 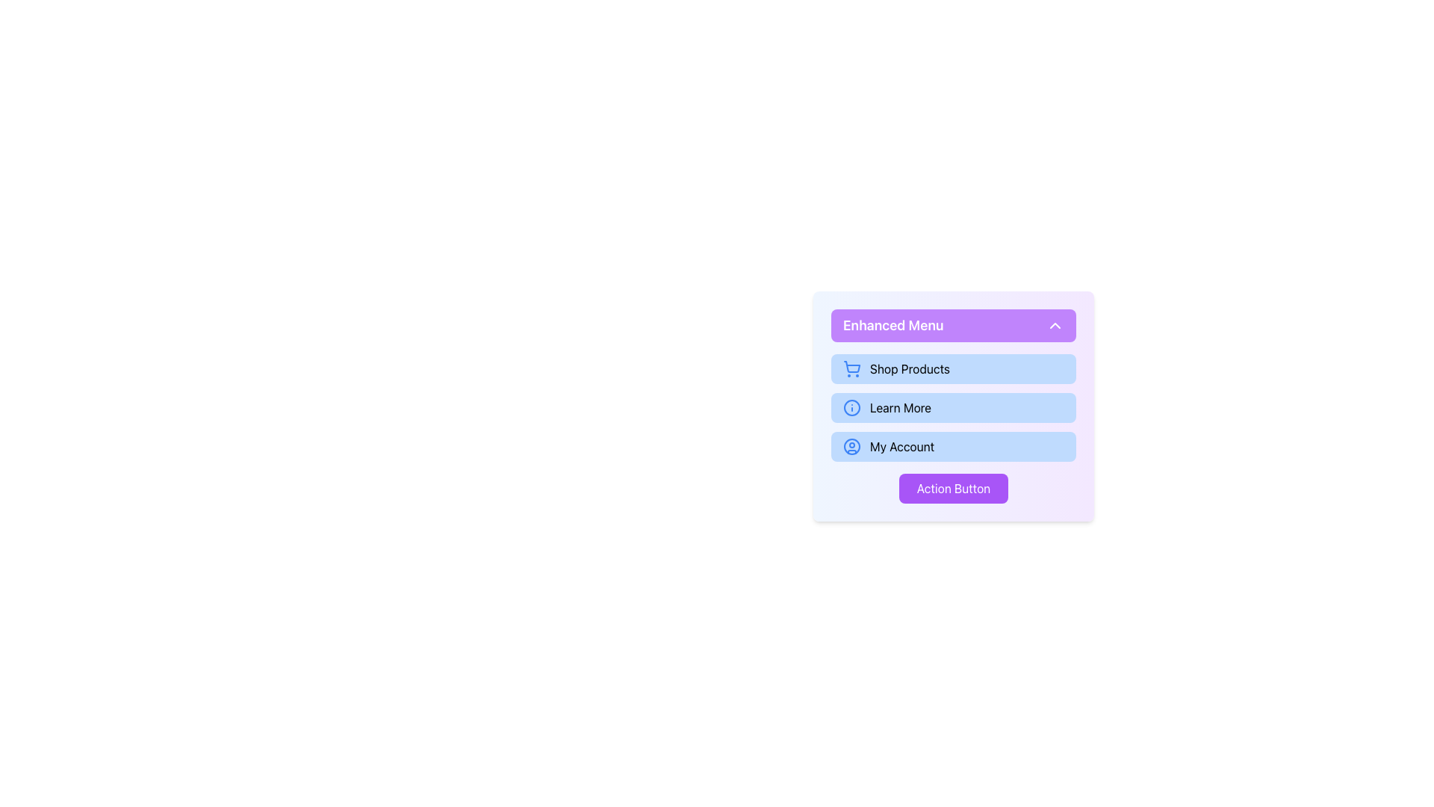 I want to click on the 'Learn More' navigation button located below the 'Shop Products' button and above the 'My Account' button in the right-central menu, so click(x=952, y=406).